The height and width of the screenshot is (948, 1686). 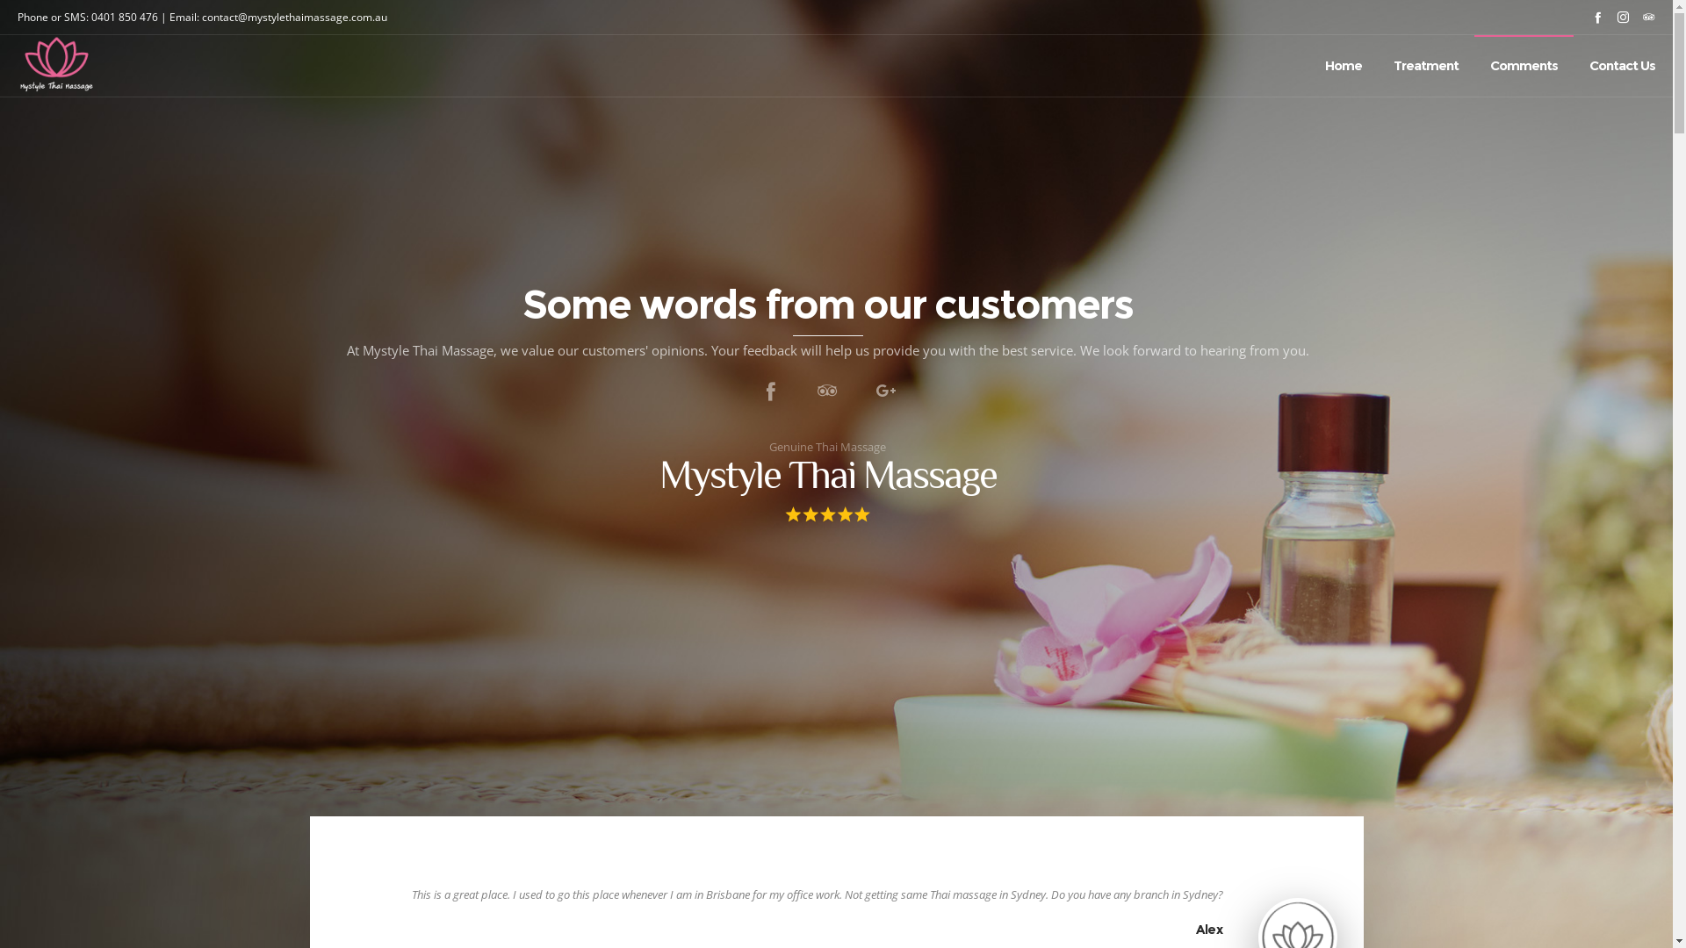 I want to click on 'Tell people what you think on 'Facebook'', so click(x=770, y=391).